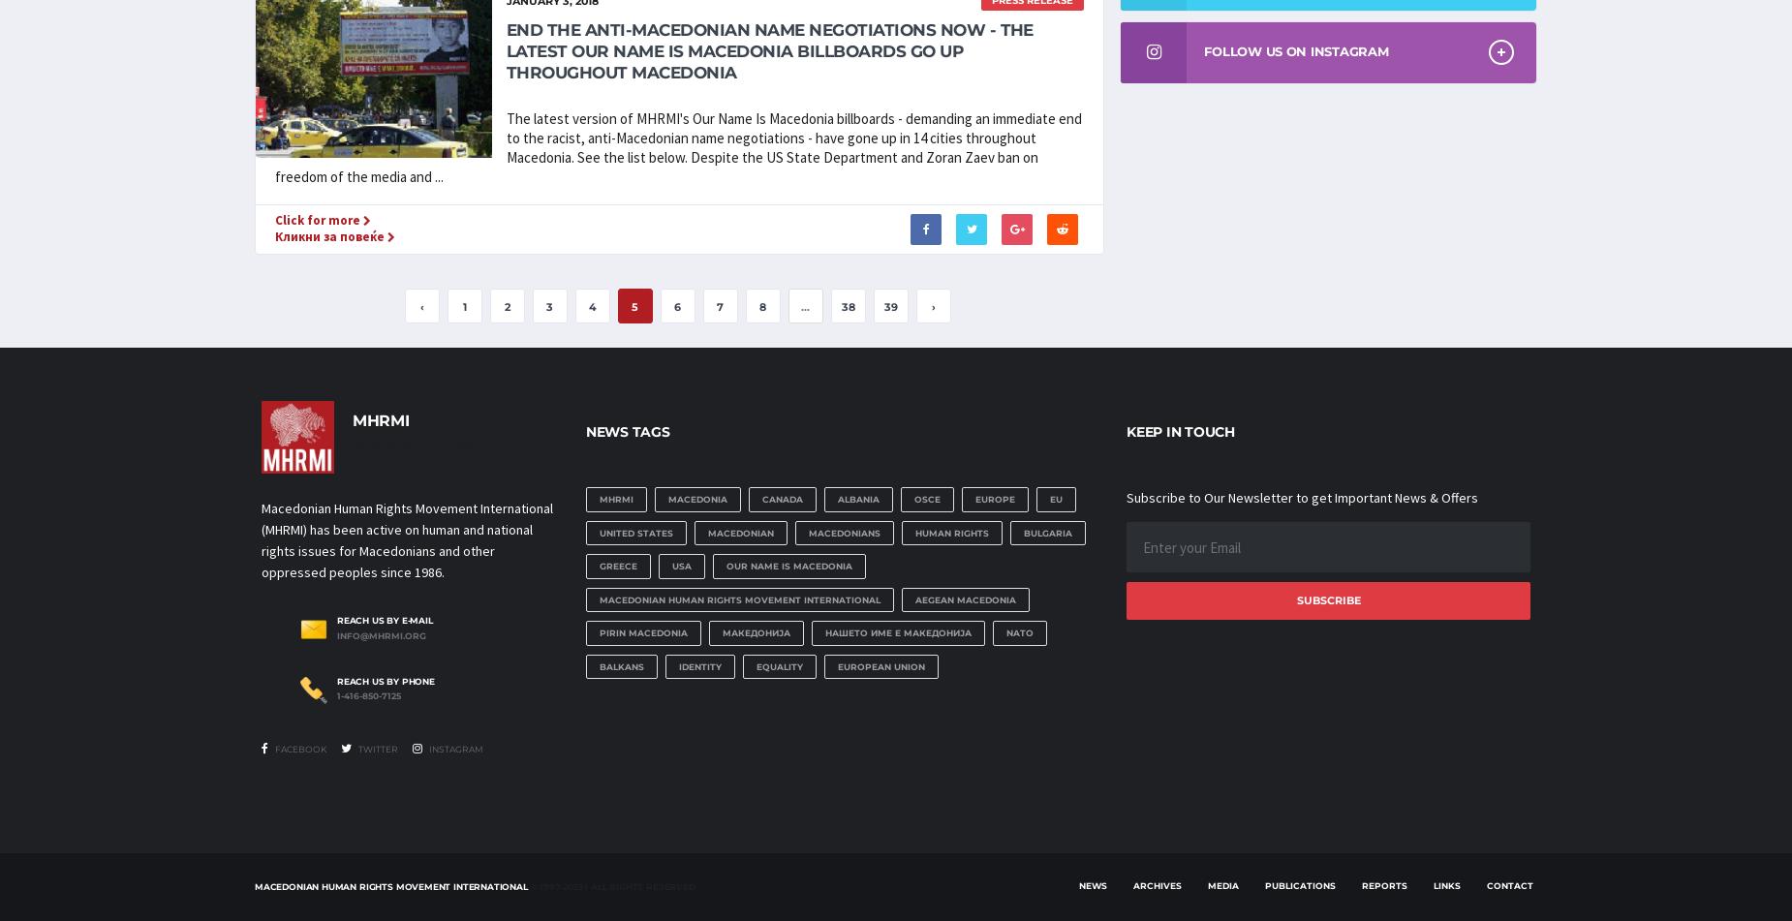 This screenshot has width=1792, height=921. I want to click on 'Links', so click(1445, 883).